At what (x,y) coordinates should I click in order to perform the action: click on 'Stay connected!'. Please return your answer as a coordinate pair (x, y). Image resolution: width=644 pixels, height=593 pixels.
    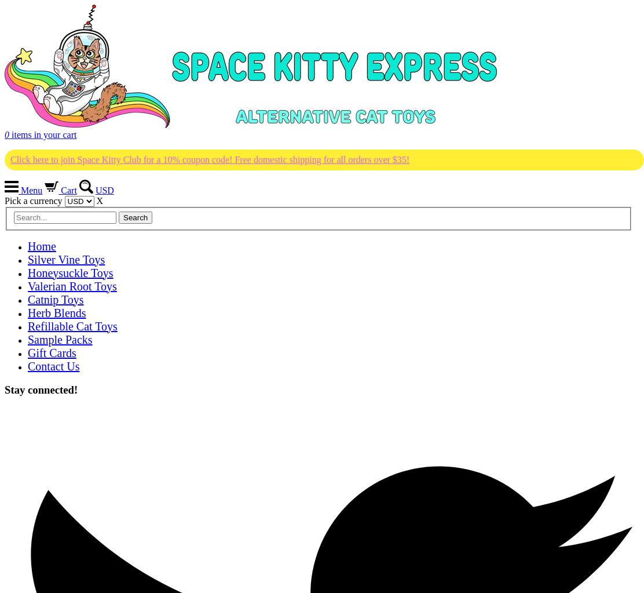
    Looking at the image, I should click on (41, 389).